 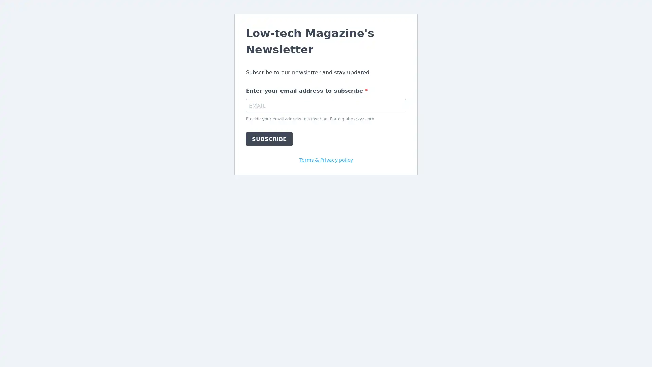 I want to click on SUBSCRIBE, so click(x=269, y=138).